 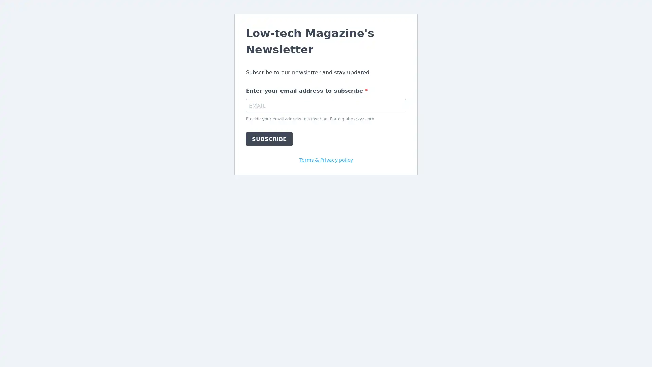 I want to click on SUBSCRIBE, so click(x=269, y=138).